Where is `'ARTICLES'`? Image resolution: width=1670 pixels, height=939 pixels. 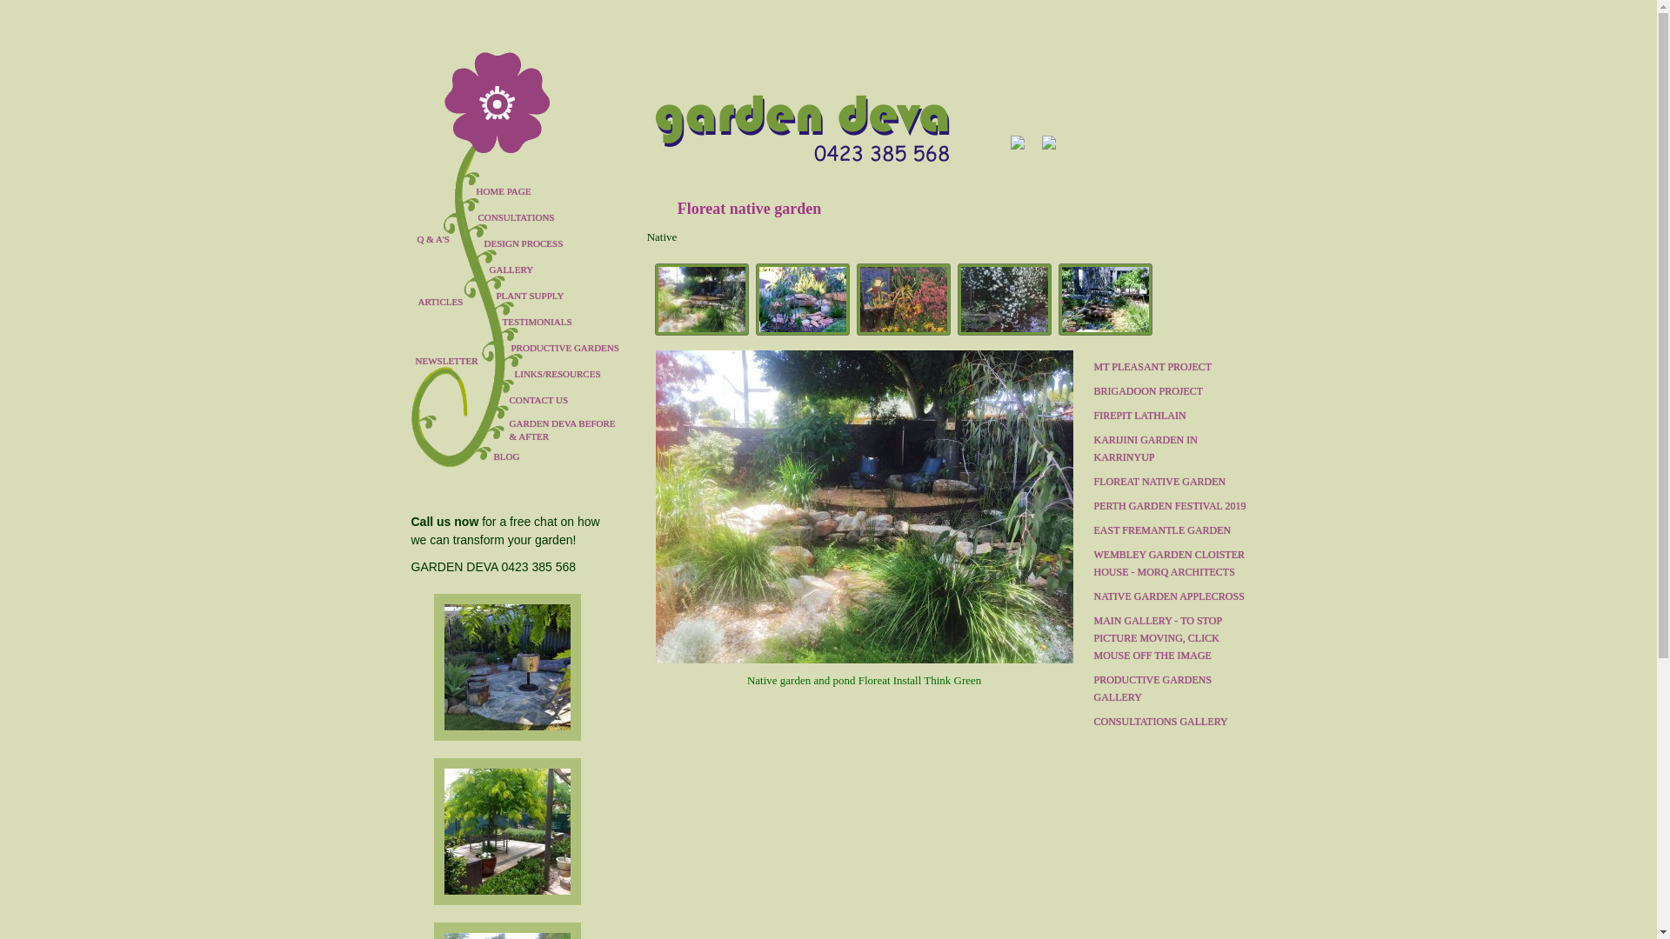 'ARTICLES' is located at coordinates (451, 301).